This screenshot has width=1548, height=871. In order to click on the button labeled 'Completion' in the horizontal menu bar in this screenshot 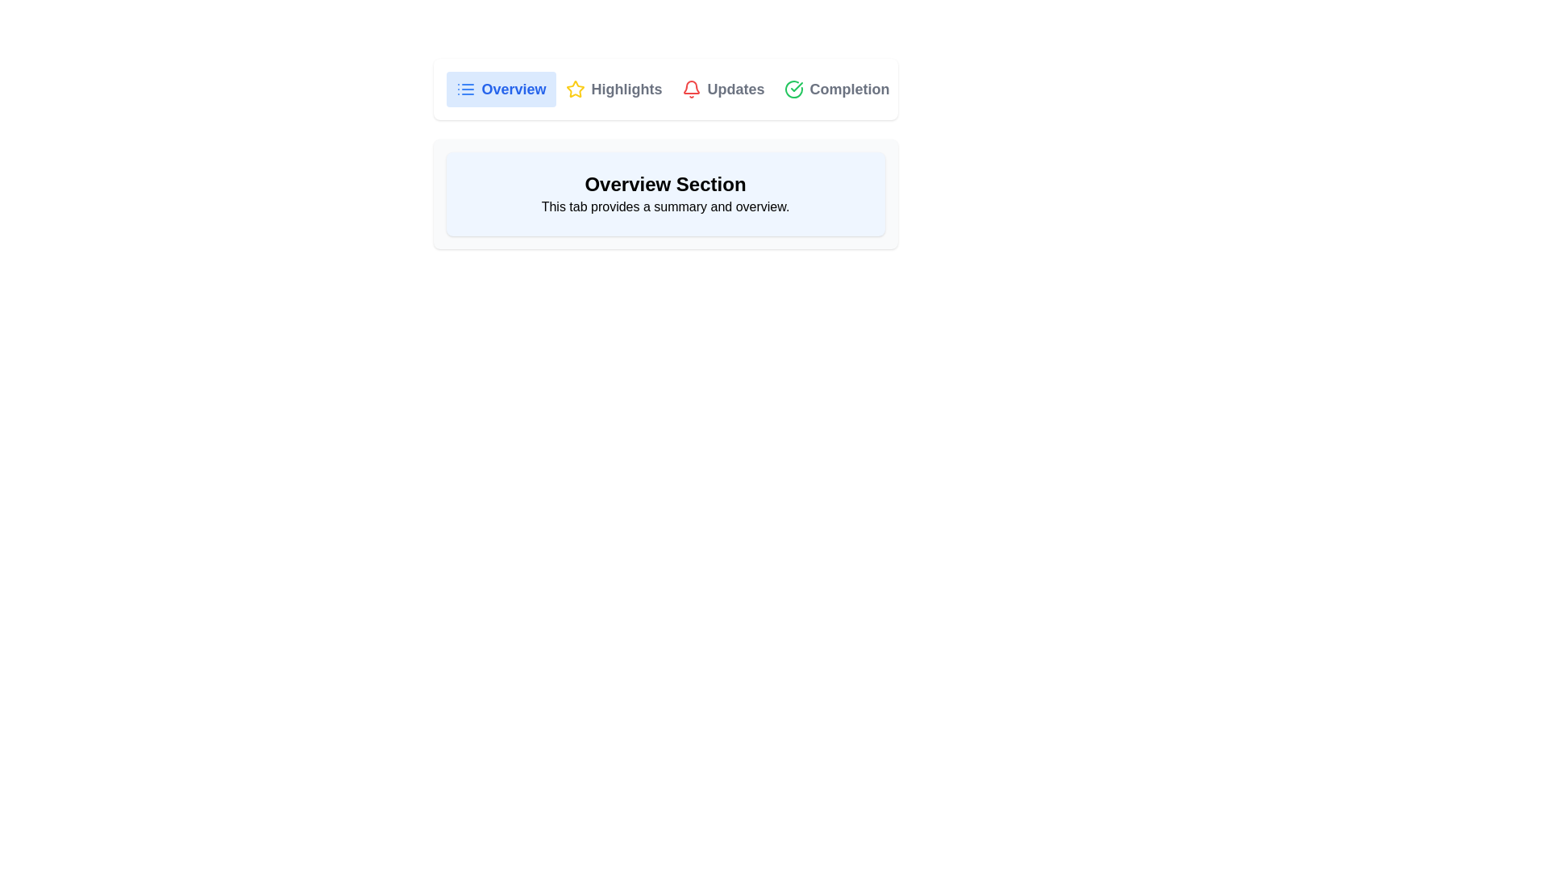, I will do `click(849, 90)`.